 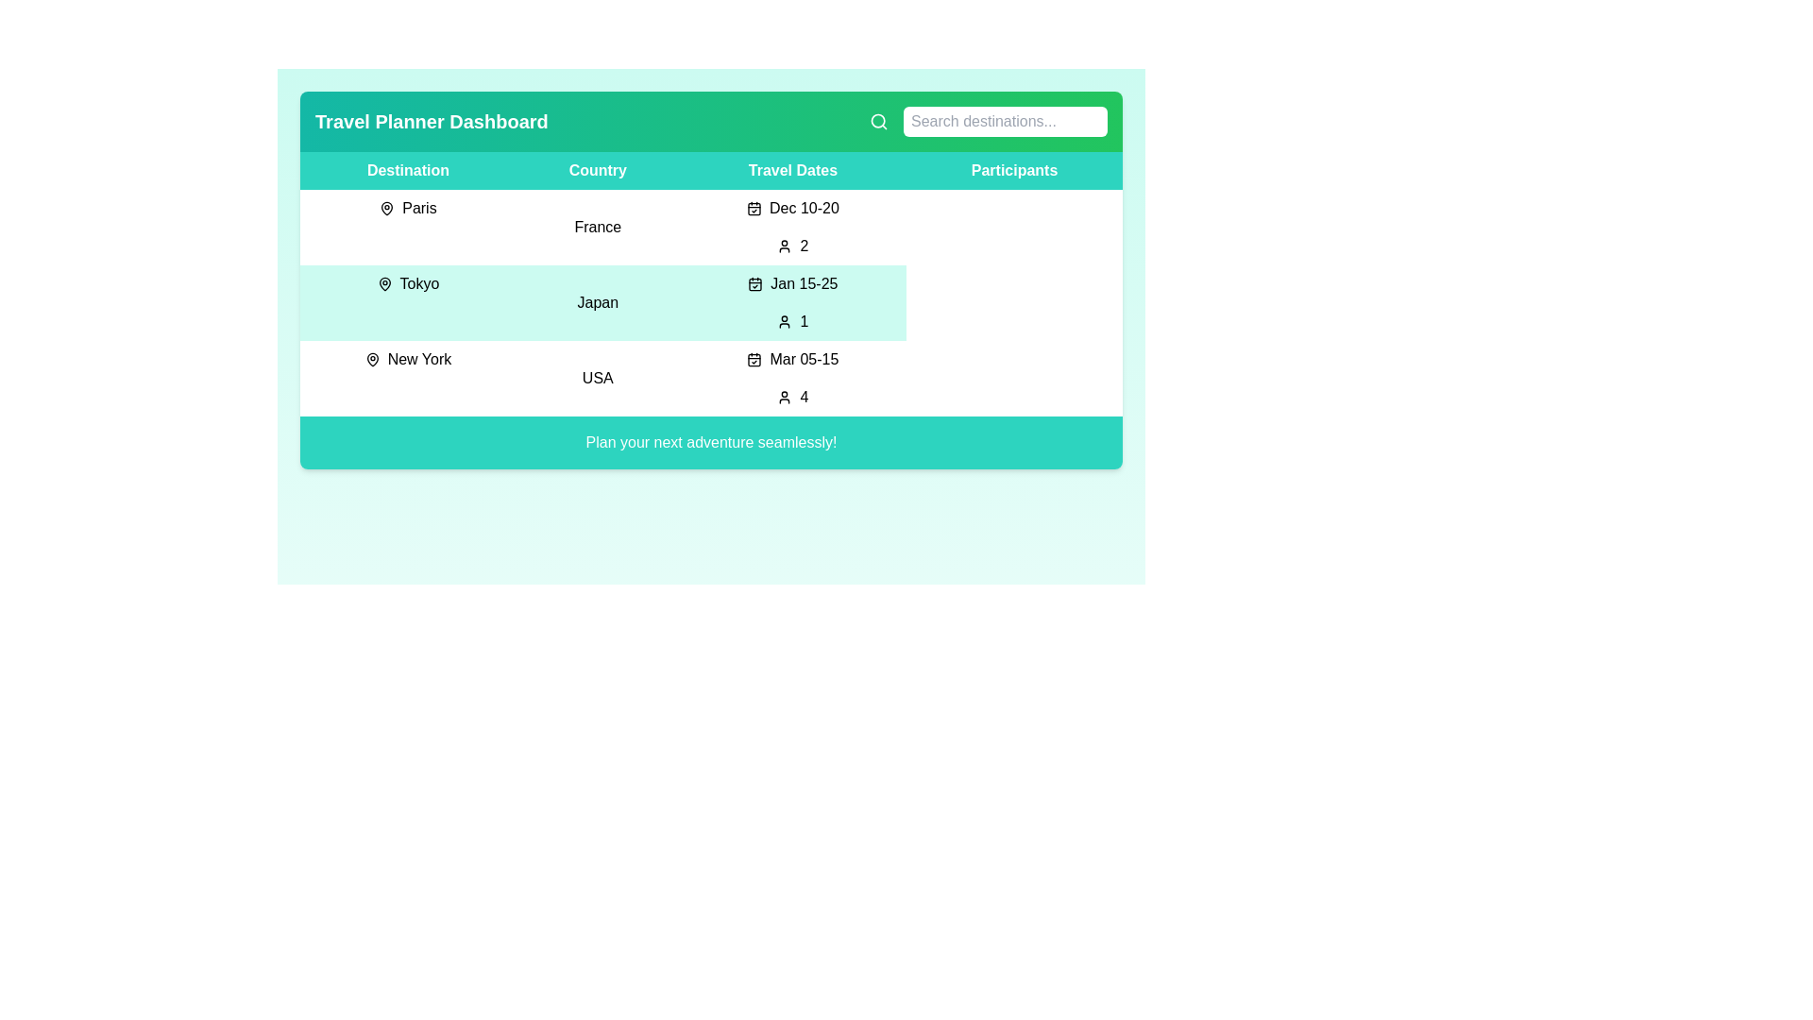 What do you see at coordinates (793, 283) in the screenshot?
I see `the Text Display with Icon that shows the travel date range for the itinerary entry corresponding to 'Tokyo, Japan' in the travel planner table` at bounding box center [793, 283].